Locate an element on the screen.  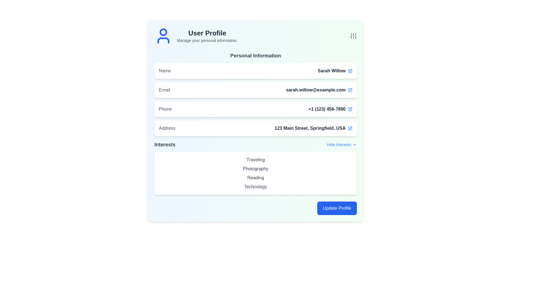
the Edit icon button, which is a small blue square resembling a pen, located to the right of the Address field text '123 Main Street, Springfield, USA' is located at coordinates (350, 128).